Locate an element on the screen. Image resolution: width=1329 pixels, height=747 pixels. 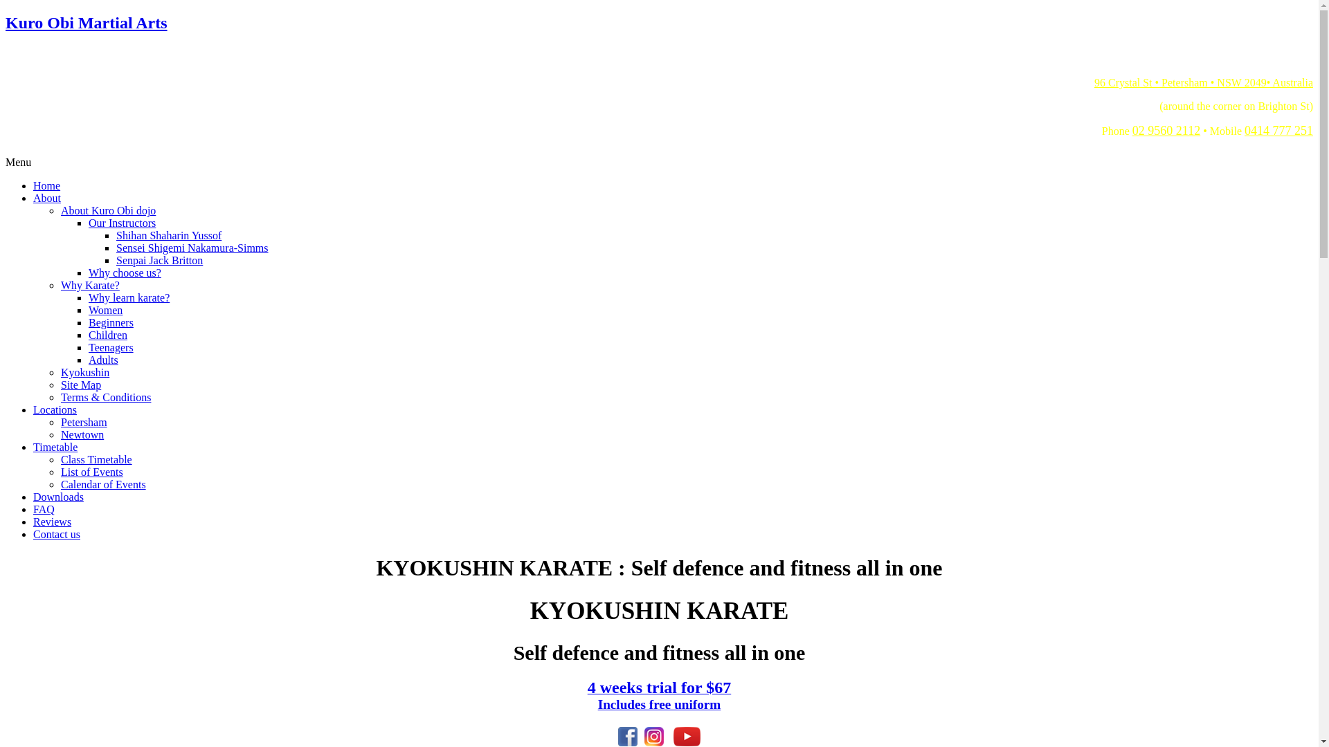
'02 9560 2112' is located at coordinates (1165, 131).